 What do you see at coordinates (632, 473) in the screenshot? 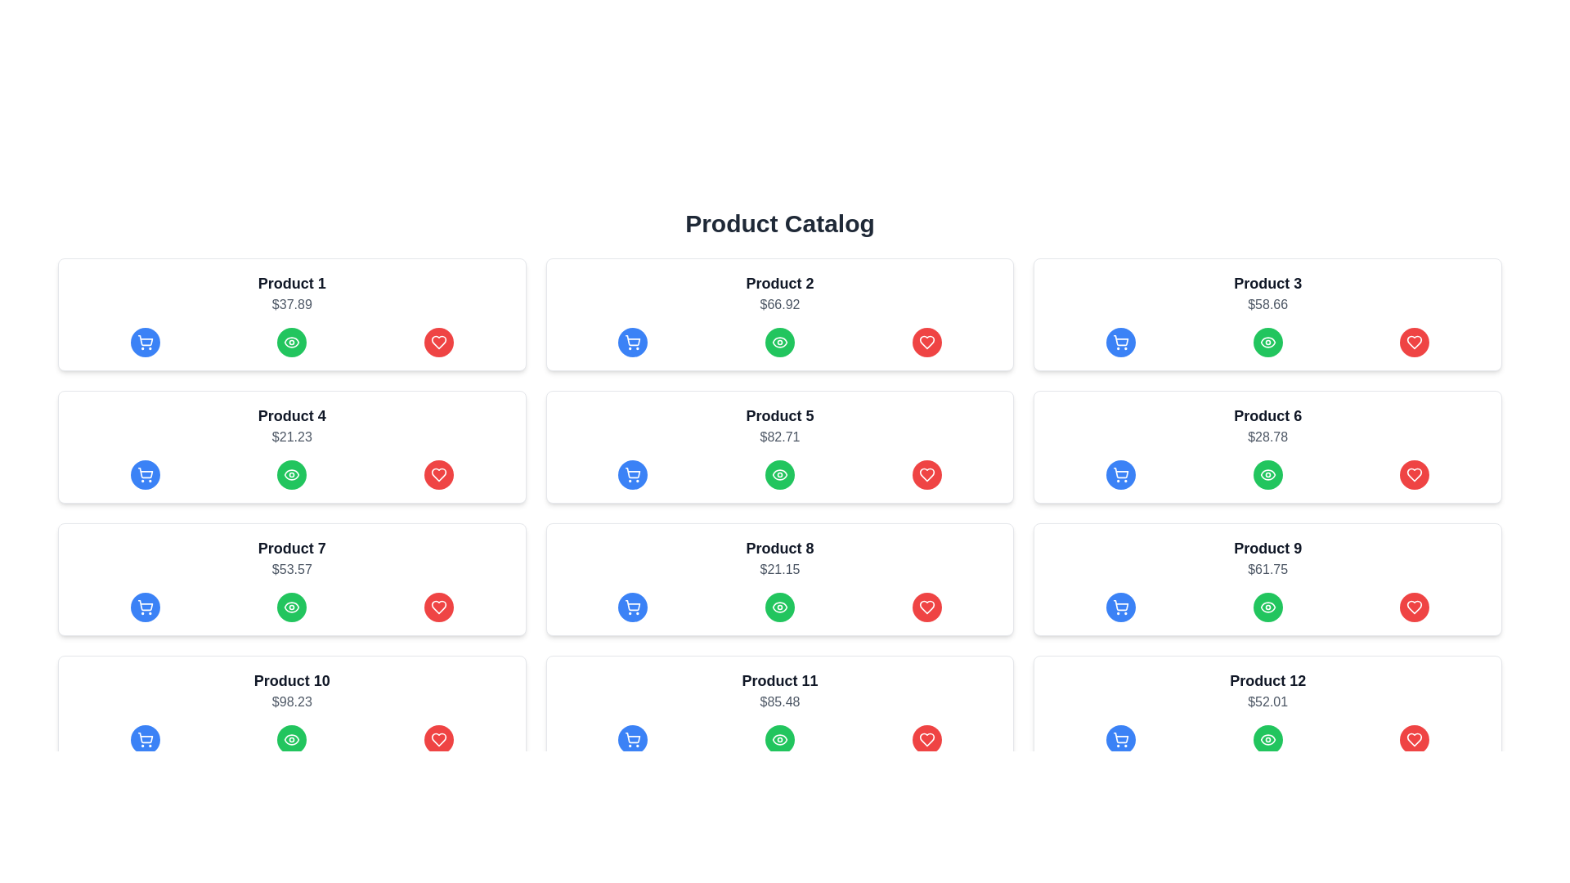
I see `the blue outlined shopping cart icon in the middle row of the catalog card for 'Product 5'` at bounding box center [632, 473].